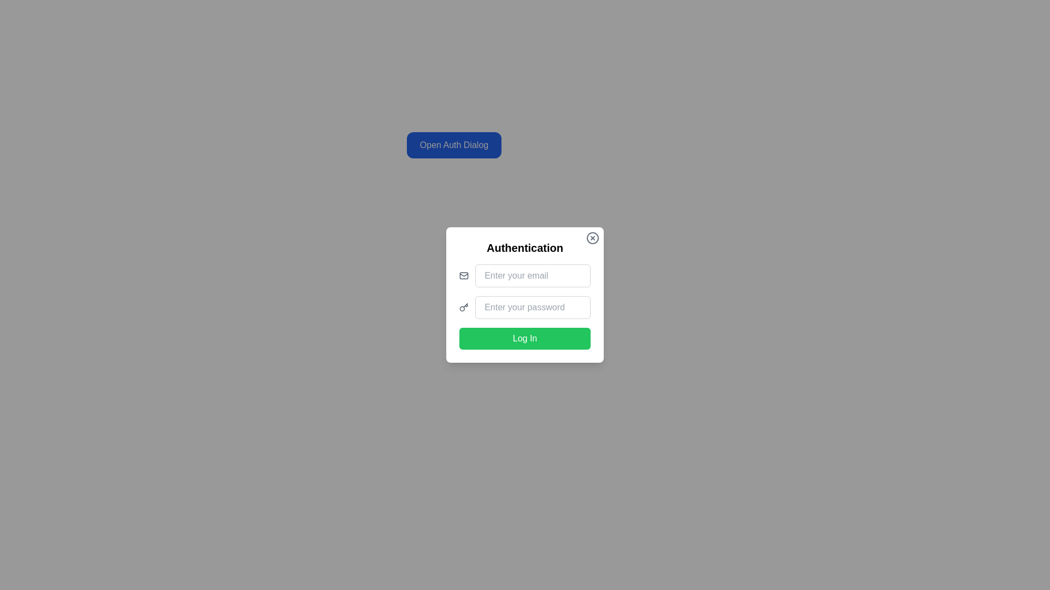  Describe the element at coordinates (525, 275) in the screenshot. I see `the email input field located` at that location.